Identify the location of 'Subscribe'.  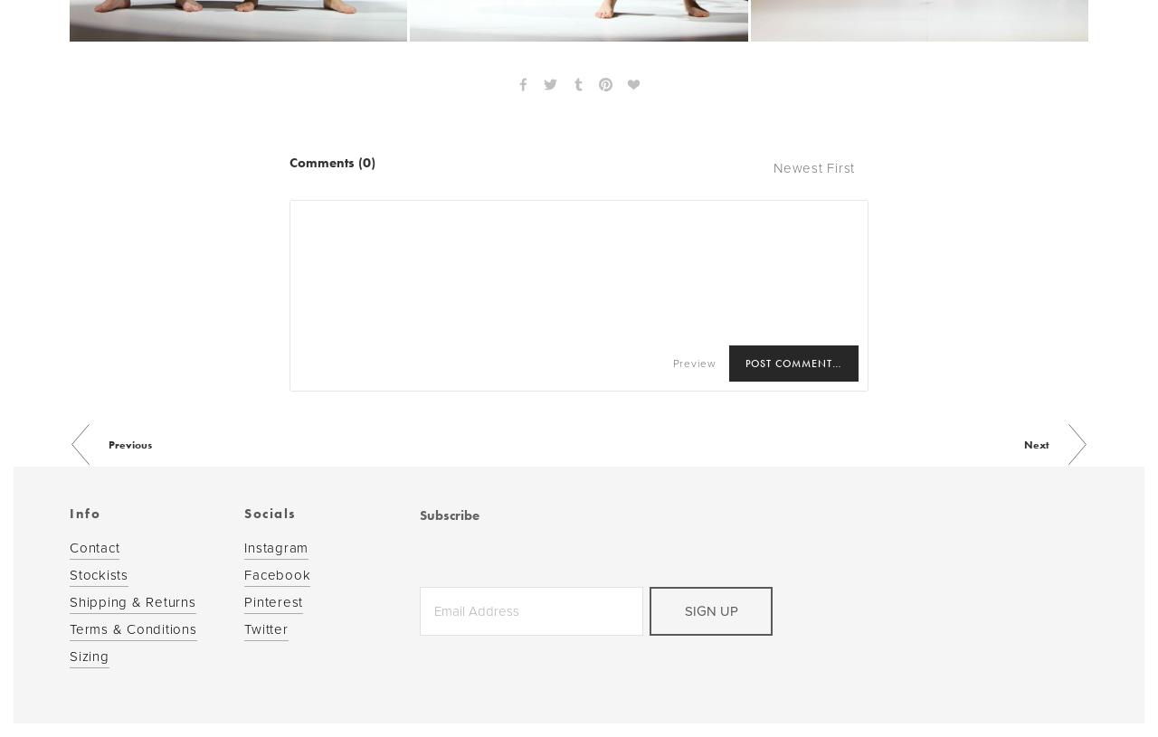
(449, 514).